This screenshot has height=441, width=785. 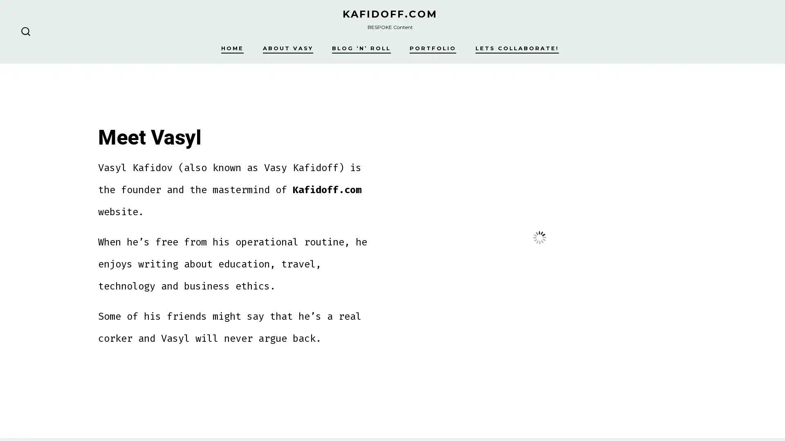 I want to click on SEARCH TOGGLE, so click(x=25, y=31).